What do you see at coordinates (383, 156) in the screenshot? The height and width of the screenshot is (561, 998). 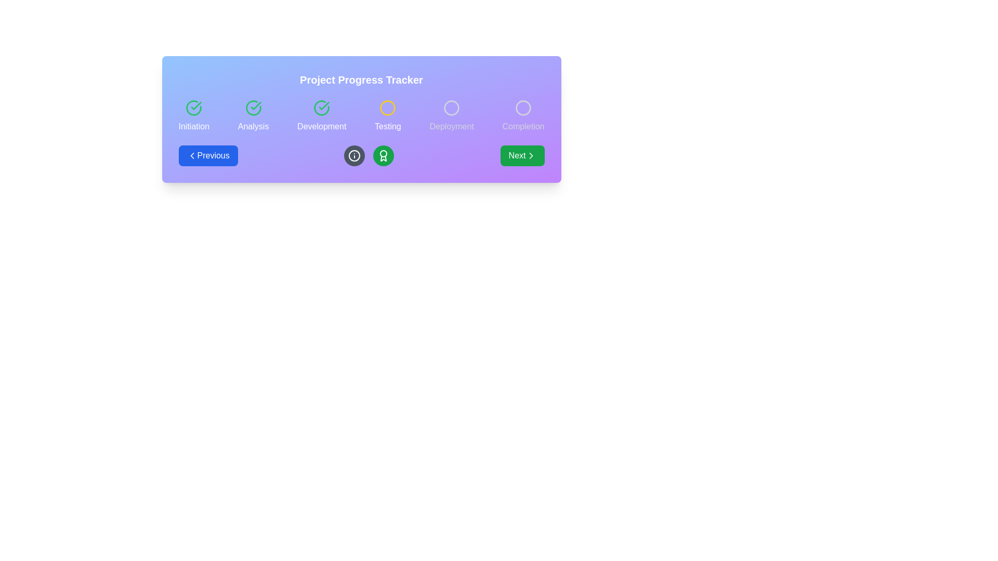 I see `the circular green button with a white award icon, which is the second button in a horizontal layout within the 'Project Progress Tracker' panel` at bounding box center [383, 156].